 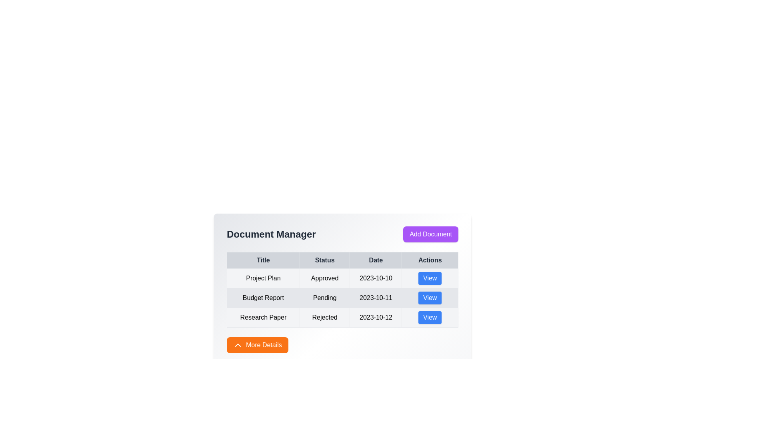 What do you see at coordinates (342, 298) in the screenshot?
I see `contents of the second table row which includes 'Budget Report', 'Pending', '2023-10-11', and a 'View' button` at bounding box center [342, 298].